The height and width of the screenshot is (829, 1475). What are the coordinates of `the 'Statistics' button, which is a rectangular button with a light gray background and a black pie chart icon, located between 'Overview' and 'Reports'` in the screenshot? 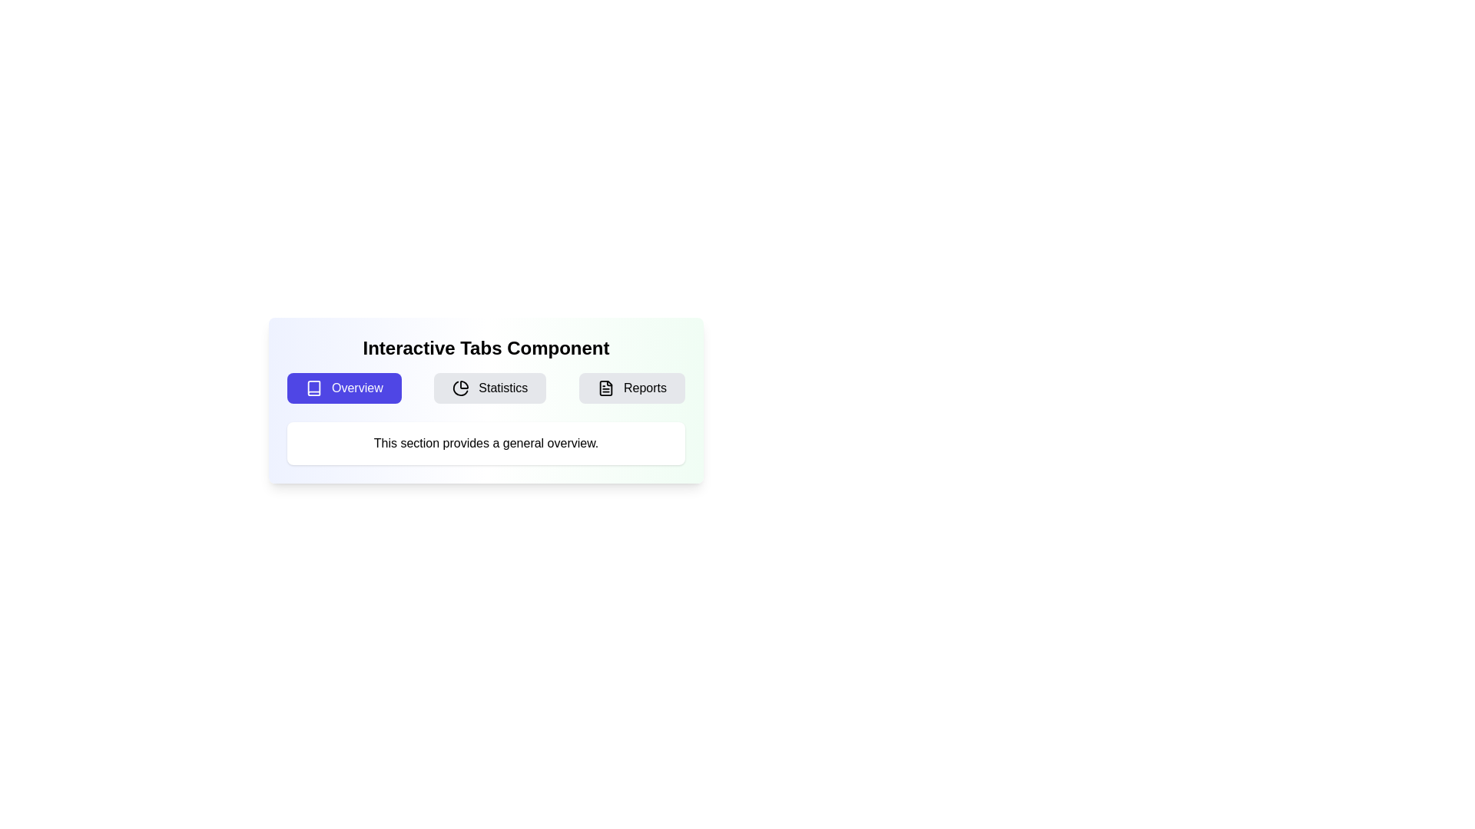 It's located at (489, 387).